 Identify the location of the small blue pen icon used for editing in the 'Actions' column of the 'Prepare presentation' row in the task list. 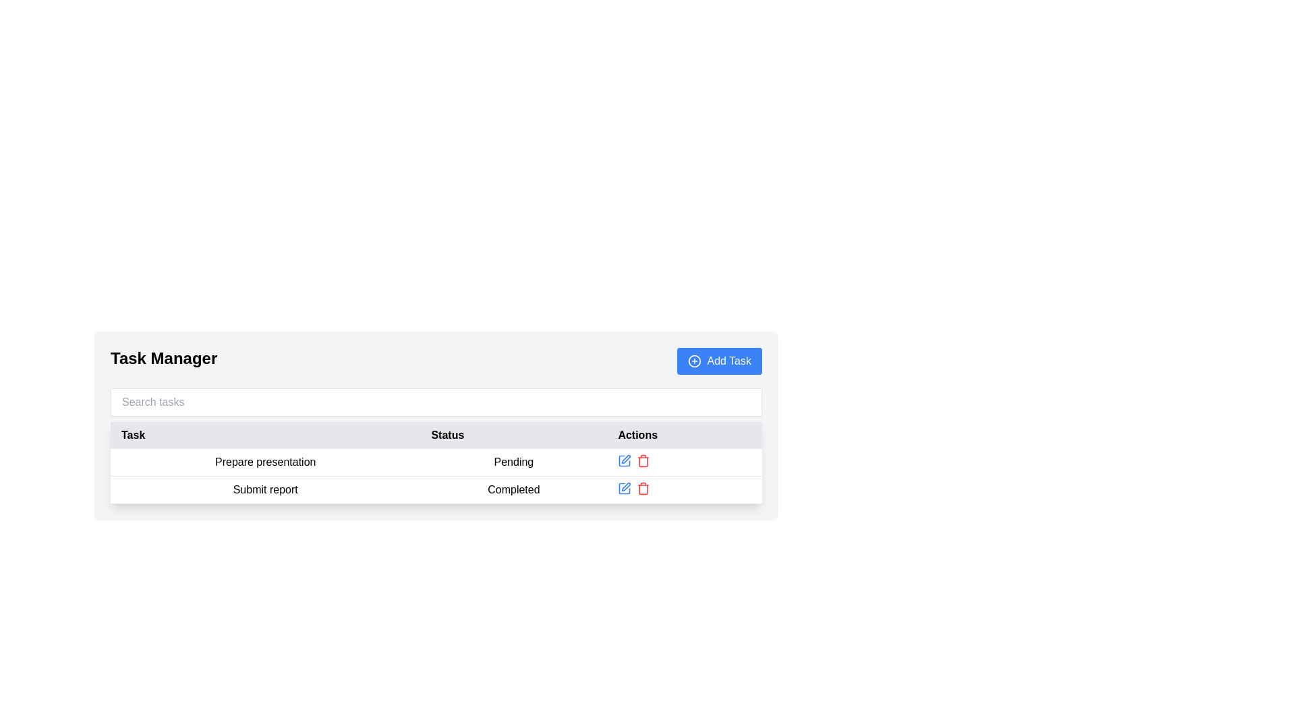
(624, 460).